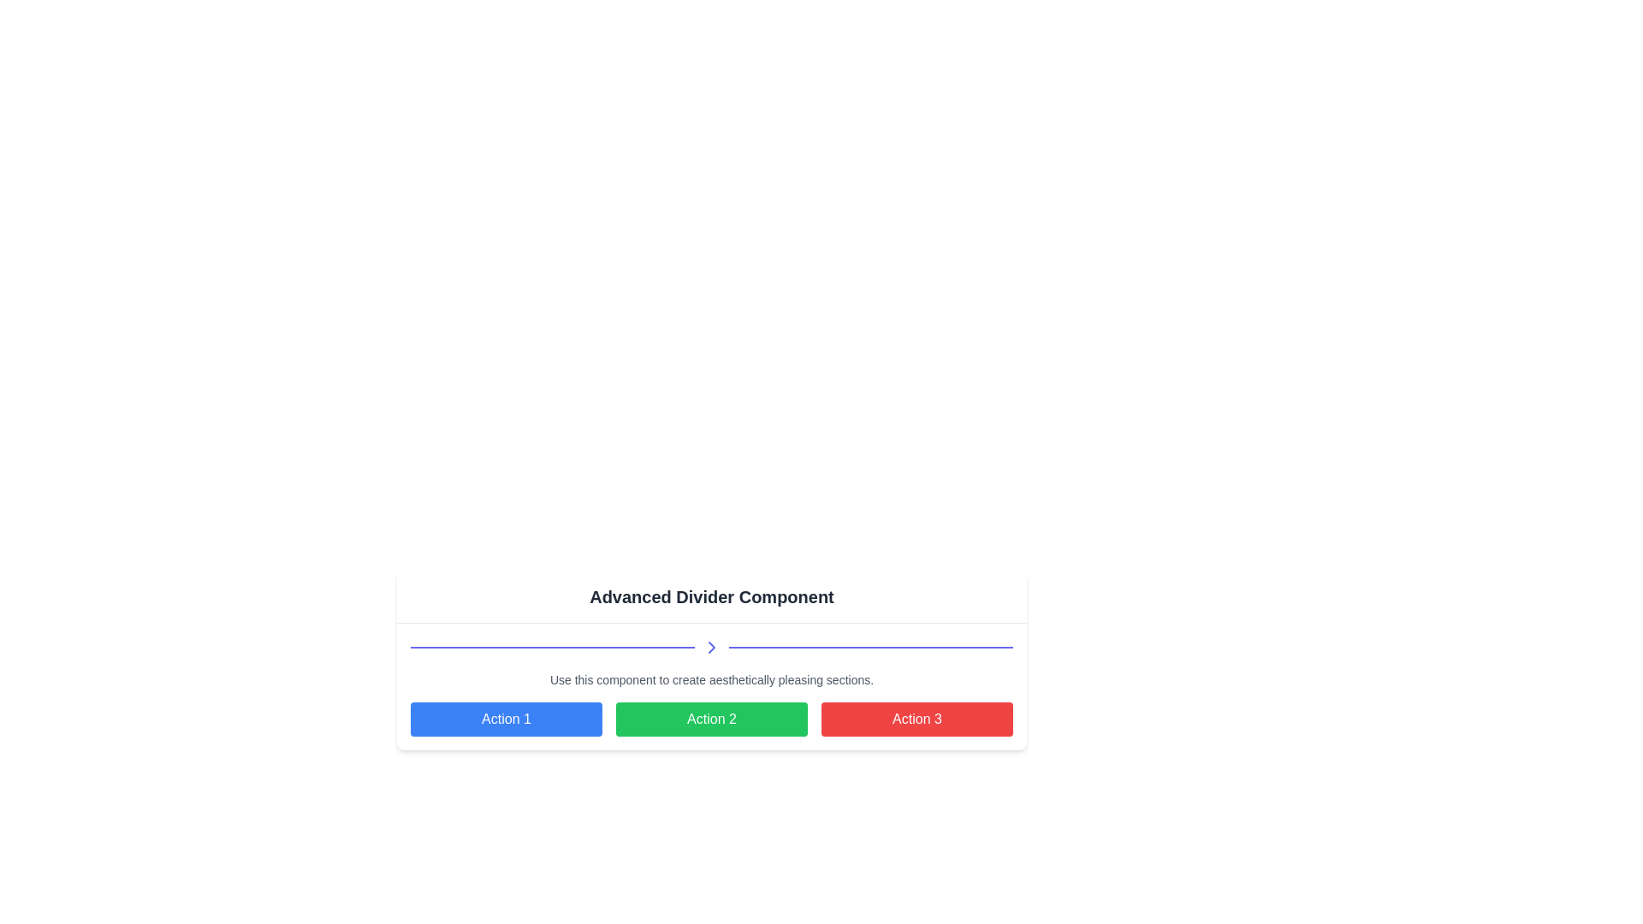  What do you see at coordinates (711, 719) in the screenshot?
I see `the second button labeled 'Action 2' located in the bottom center of the interface` at bounding box center [711, 719].